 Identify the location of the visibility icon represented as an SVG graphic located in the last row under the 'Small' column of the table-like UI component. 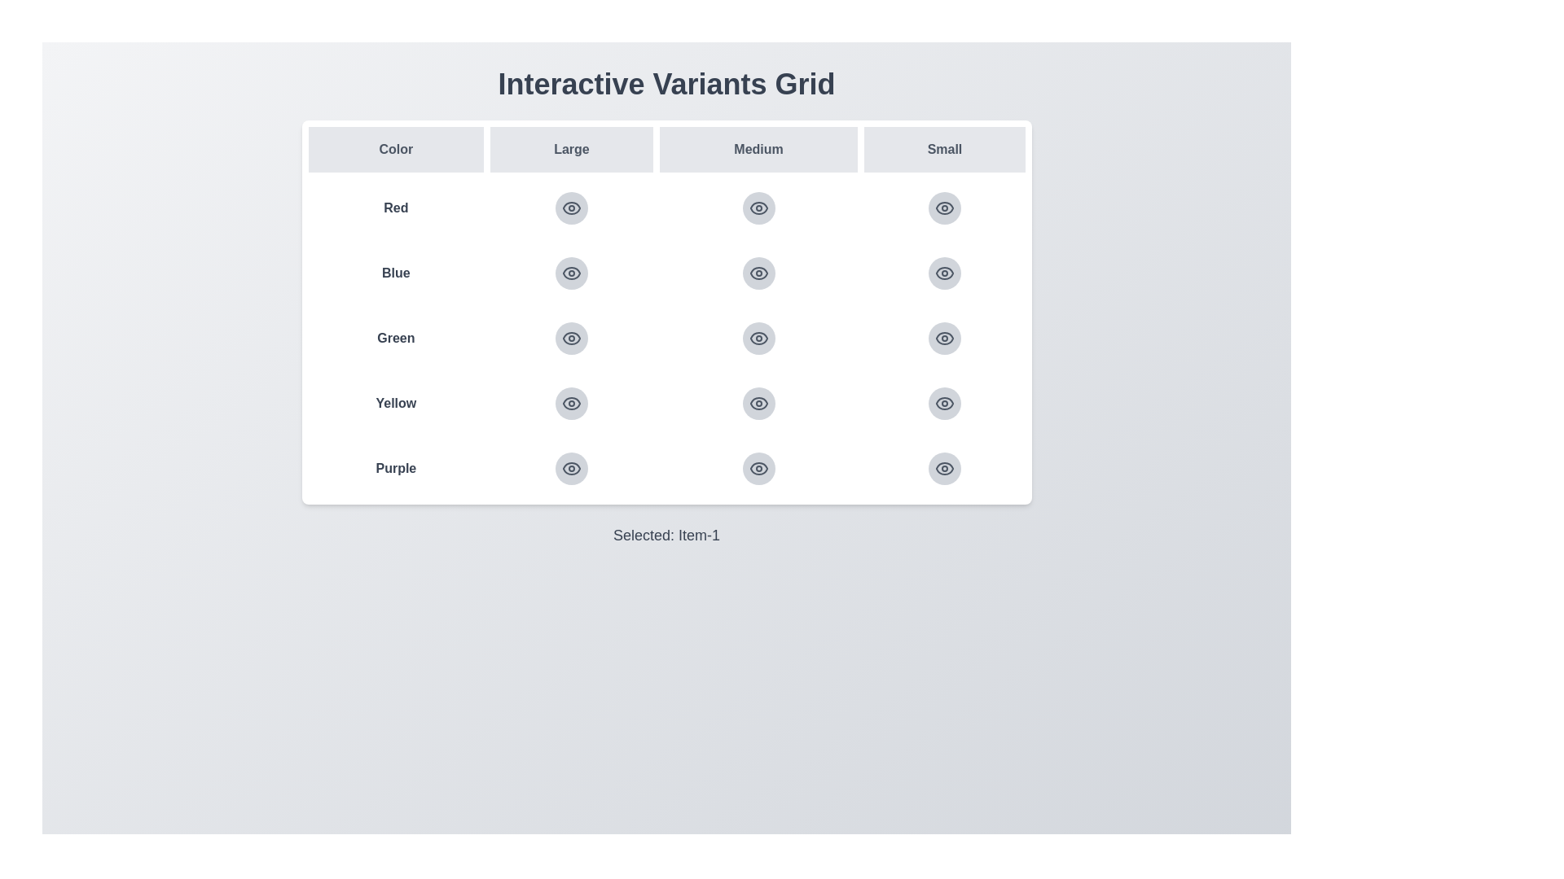
(945, 468).